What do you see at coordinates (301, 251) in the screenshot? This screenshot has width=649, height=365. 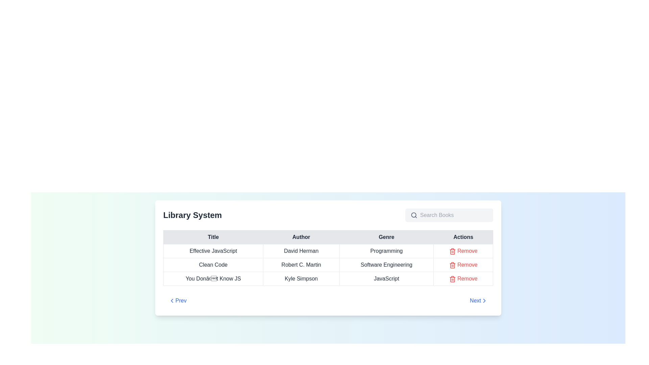 I see `the text label displaying 'David Herman' located in the 'Author' column of the first data row in the table for the book 'Effective JavaScript'` at bounding box center [301, 251].